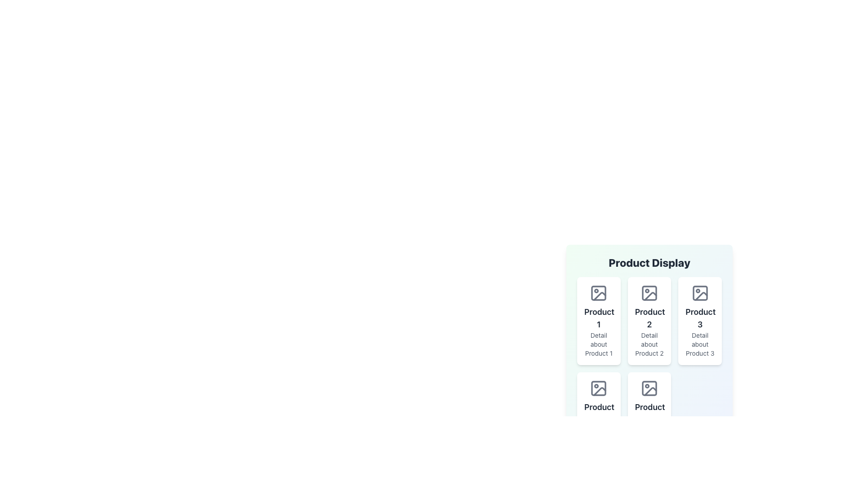  What do you see at coordinates (649, 320) in the screenshot?
I see `the product display card located in the center column of the first row under the 'Product Display' heading` at bounding box center [649, 320].